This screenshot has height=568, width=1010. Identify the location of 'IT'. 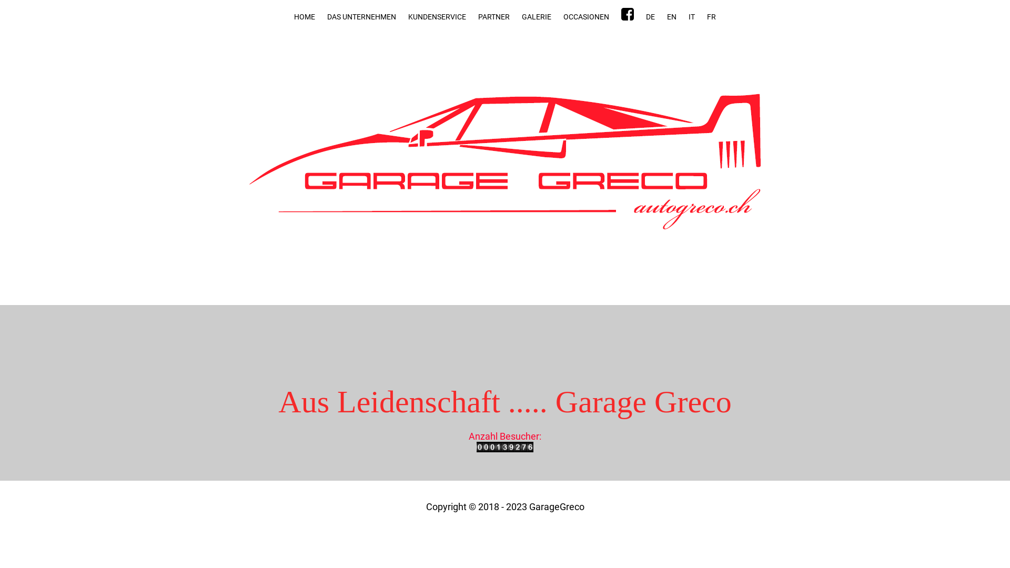
(692, 16).